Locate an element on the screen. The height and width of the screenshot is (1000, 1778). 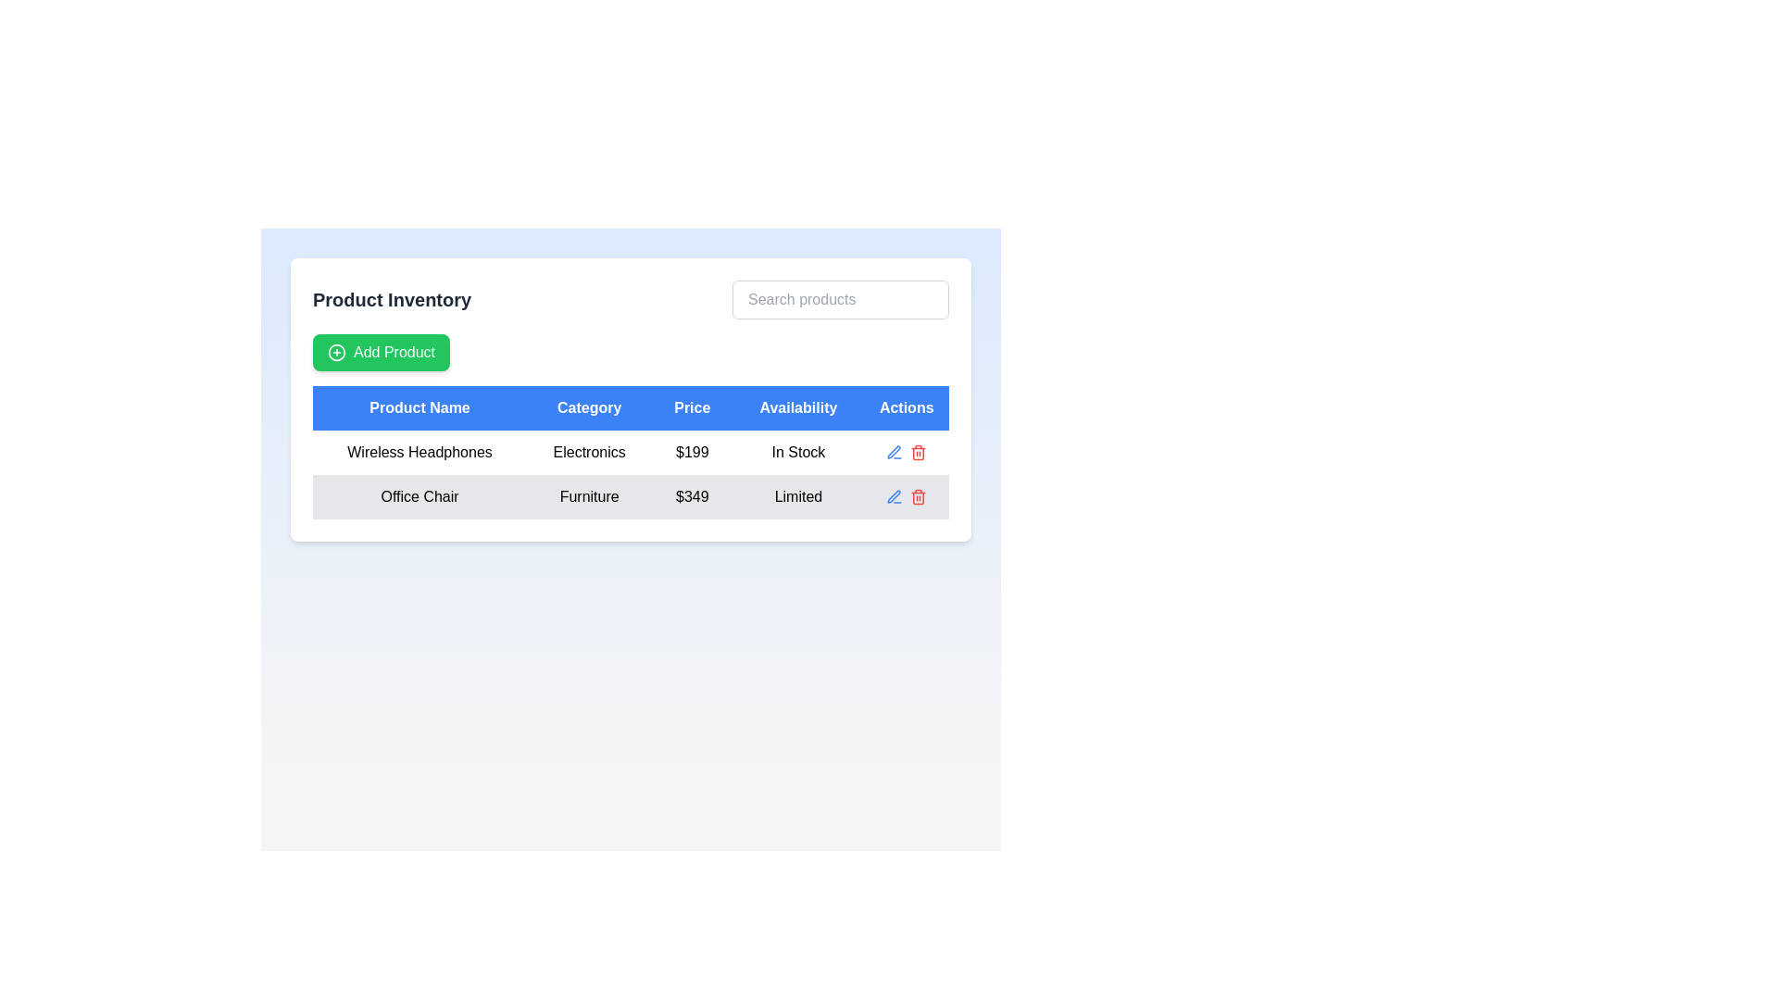
the 'Furniture' text label located in the second column of the second row of the product inventory table is located at coordinates (588, 495).